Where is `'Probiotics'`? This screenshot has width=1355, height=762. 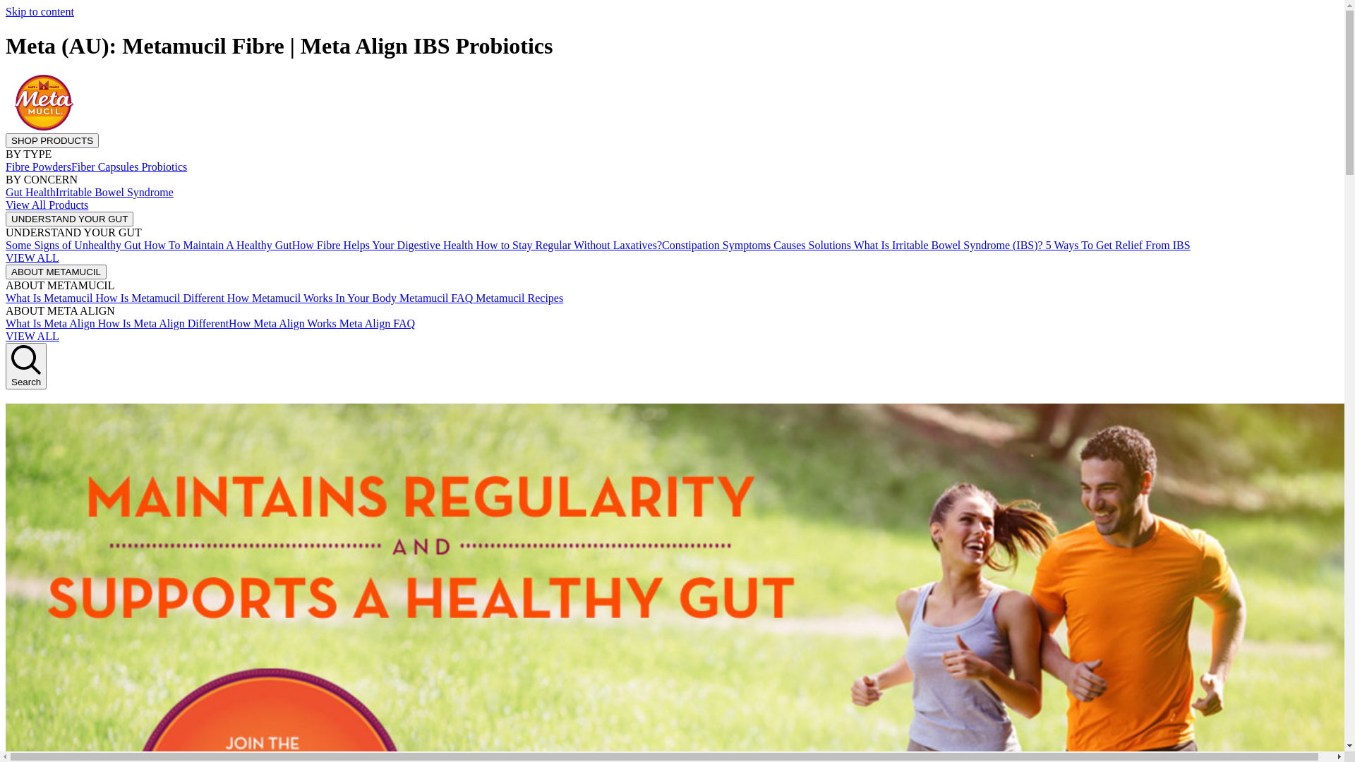 'Probiotics' is located at coordinates (162, 166).